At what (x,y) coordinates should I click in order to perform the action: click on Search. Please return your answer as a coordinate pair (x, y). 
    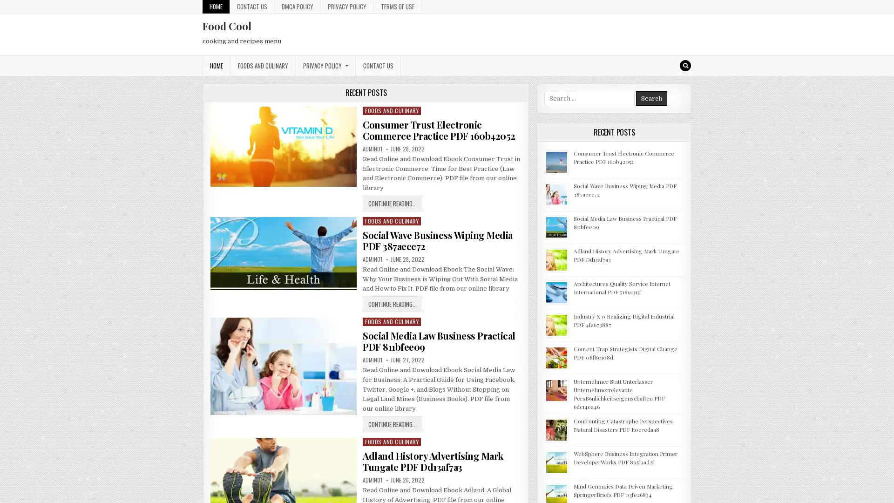
    Looking at the image, I should click on (651, 98).